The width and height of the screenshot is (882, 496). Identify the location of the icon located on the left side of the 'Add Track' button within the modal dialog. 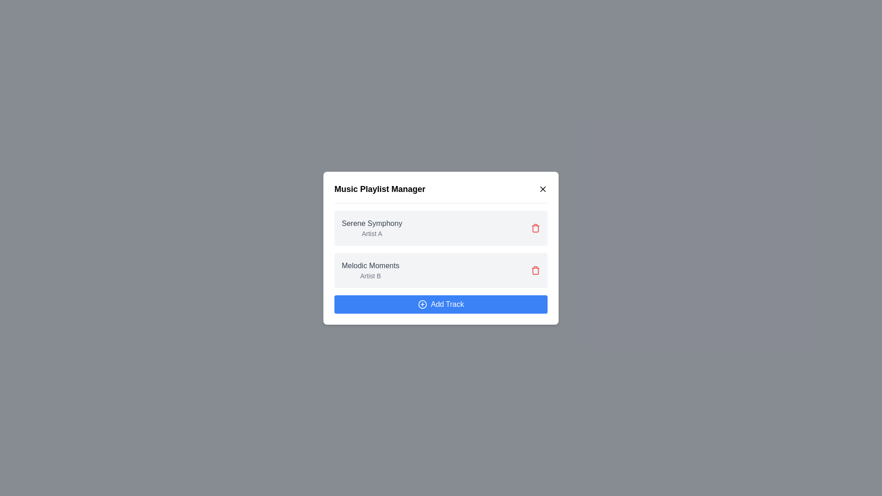
(422, 304).